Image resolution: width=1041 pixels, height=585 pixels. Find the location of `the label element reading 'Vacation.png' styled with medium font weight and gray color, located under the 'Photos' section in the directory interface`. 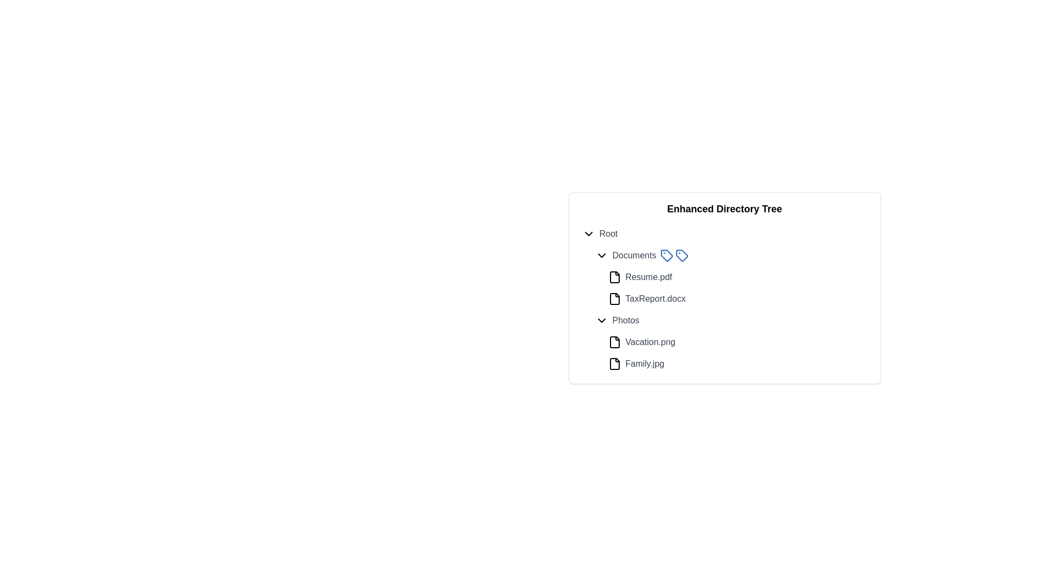

the label element reading 'Vacation.png' styled with medium font weight and gray color, located under the 'Photos' section in the directory interface is located at coordinates (650, 342).